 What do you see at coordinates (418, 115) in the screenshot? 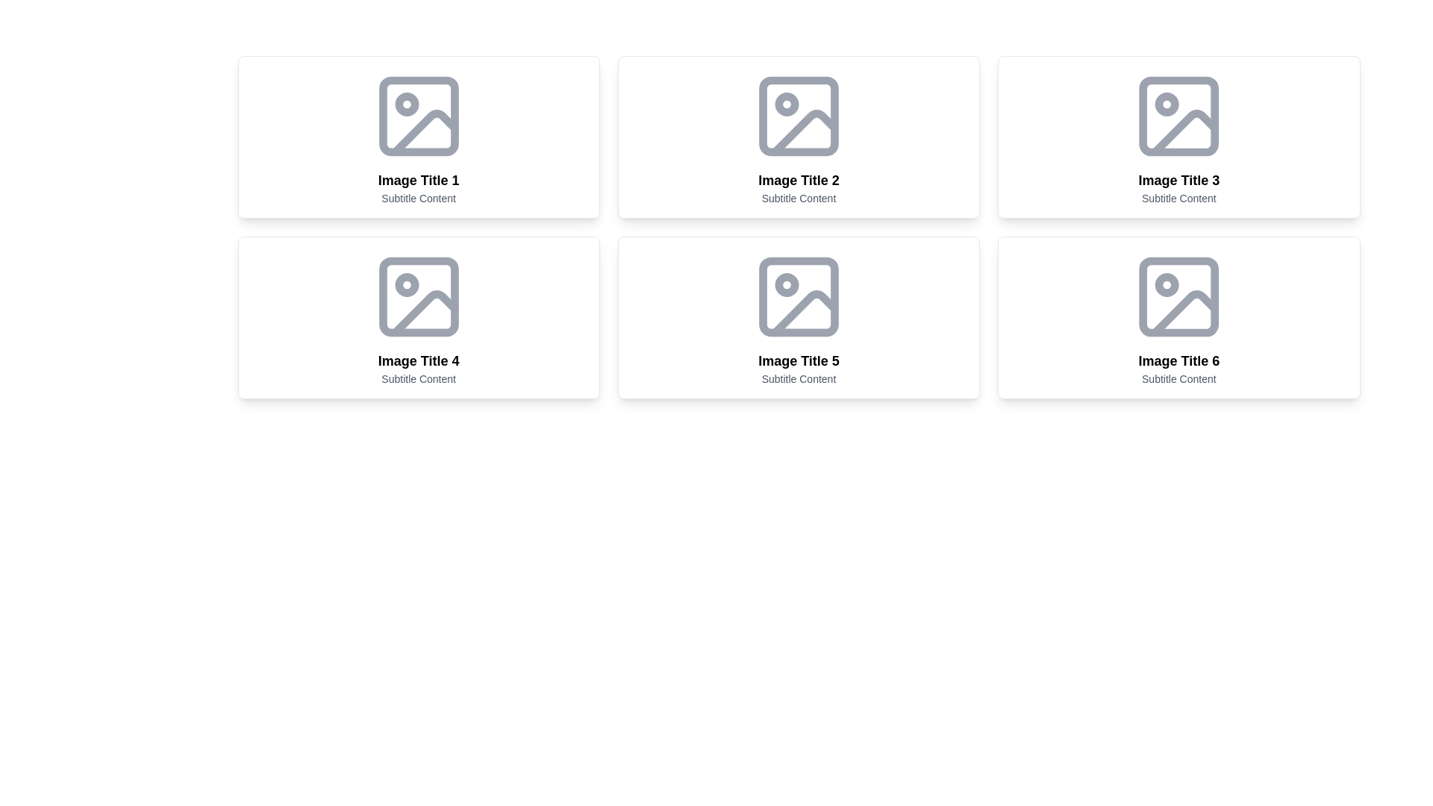
I see `the image placeholder icon located in the leftmost card titled 'Image Title 1' with the subtitle 'Subtitle Content'` at bounding box center [418, 115].